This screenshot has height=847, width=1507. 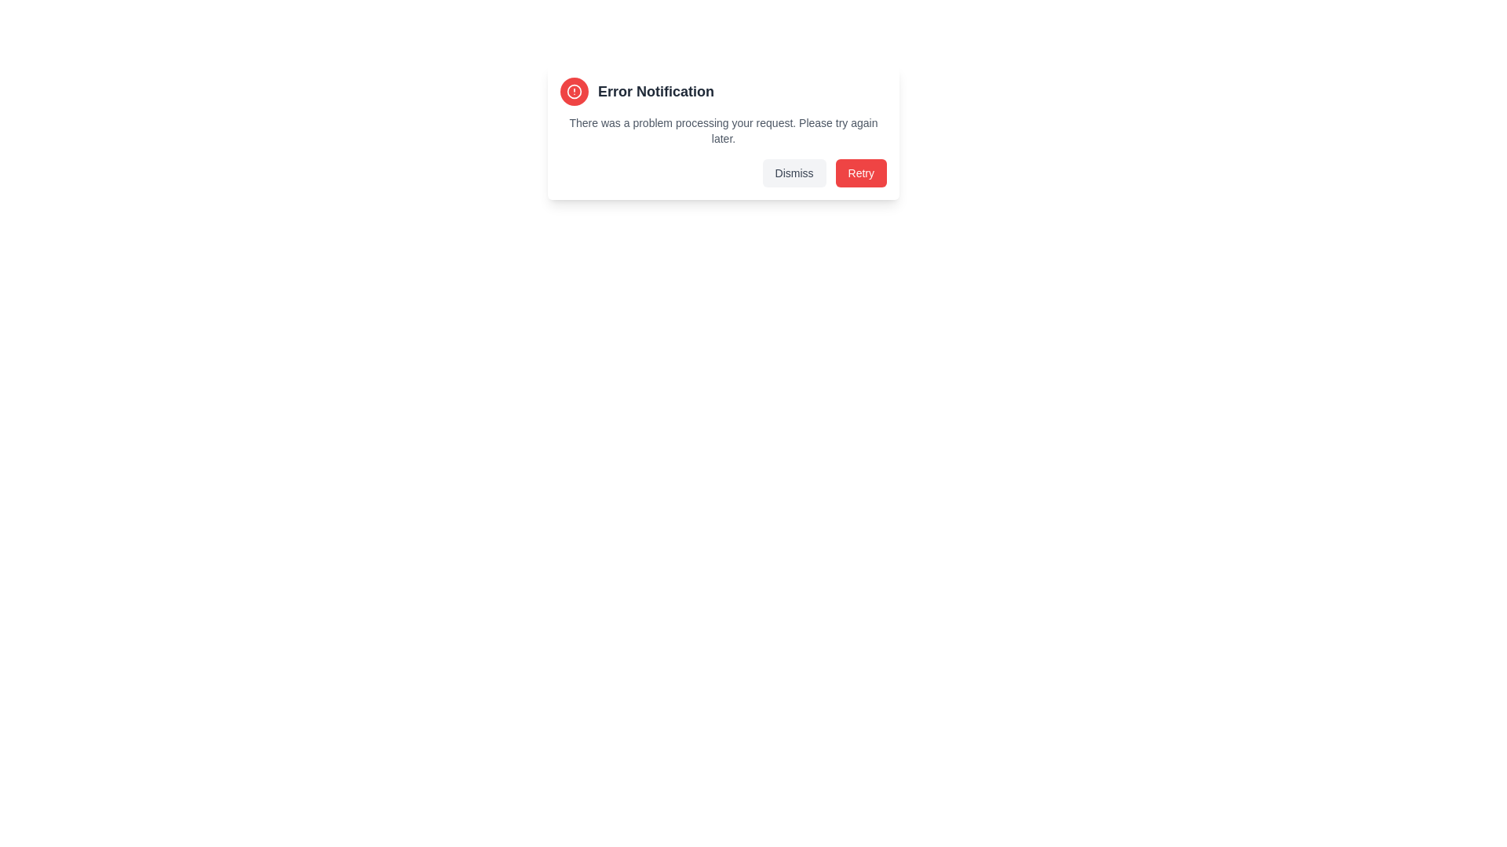 What do you see at coordinates (794, 173) in the screenshot?
I see `the 'Dismiss' button to observe its hover effect` at bounding box center [794, 173].